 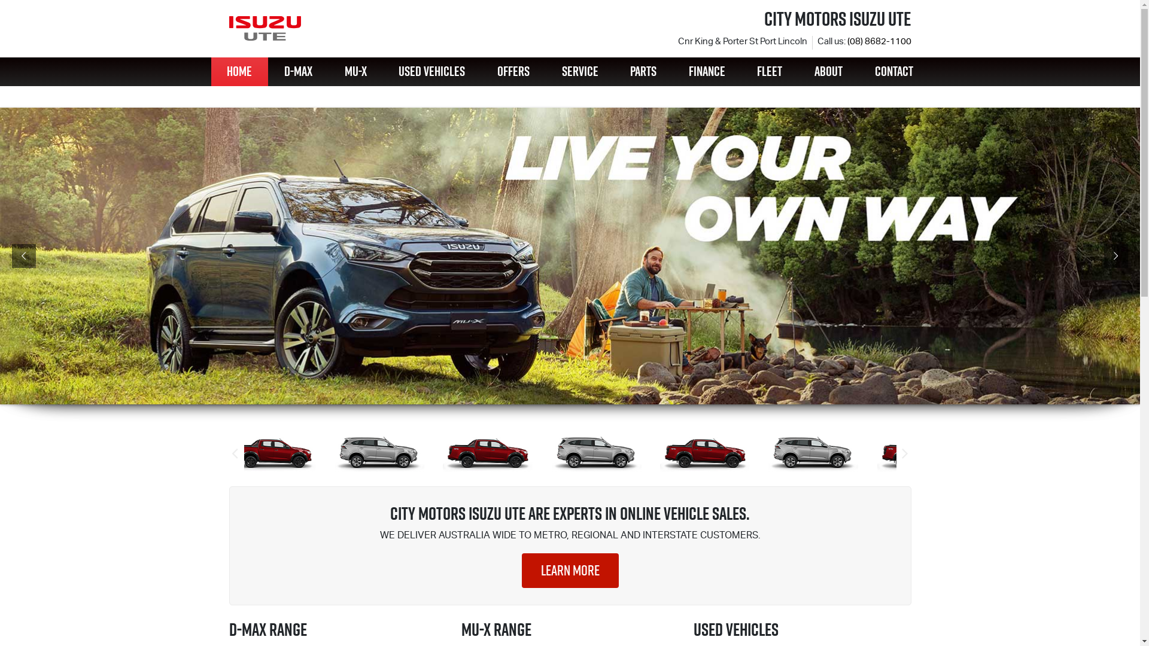 What do you see at coordinates (210, 71) in the screenshot?
I see `'HOME'` at bounding box center [210, 71].